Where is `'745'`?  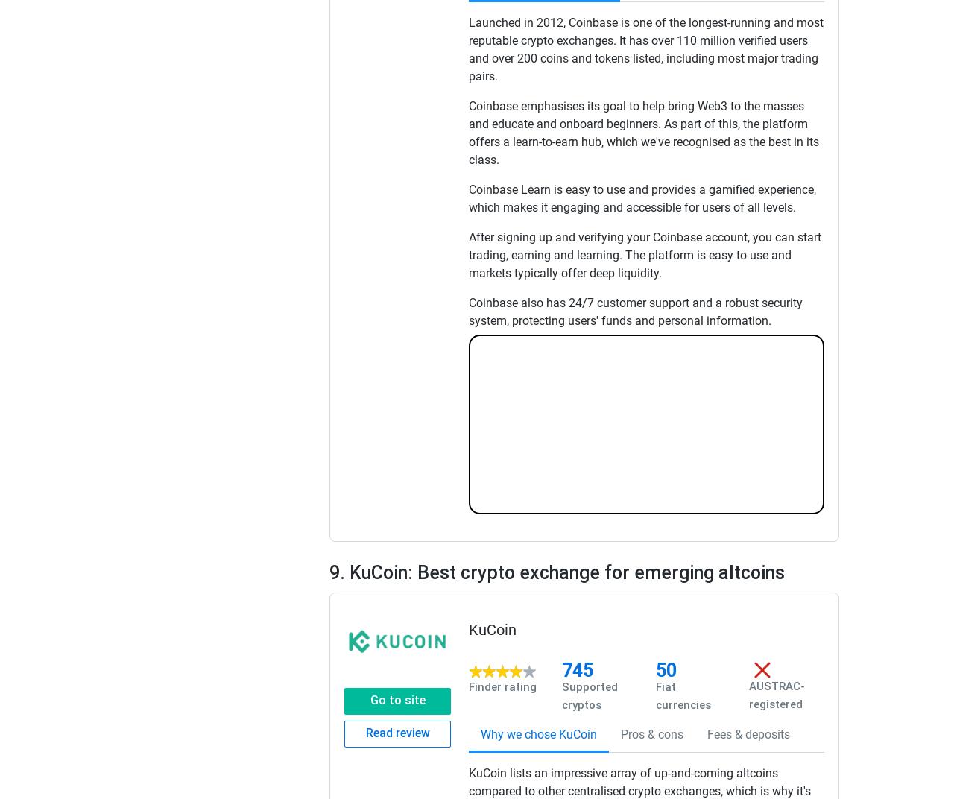 '745' is located at coordinates (577, 669).